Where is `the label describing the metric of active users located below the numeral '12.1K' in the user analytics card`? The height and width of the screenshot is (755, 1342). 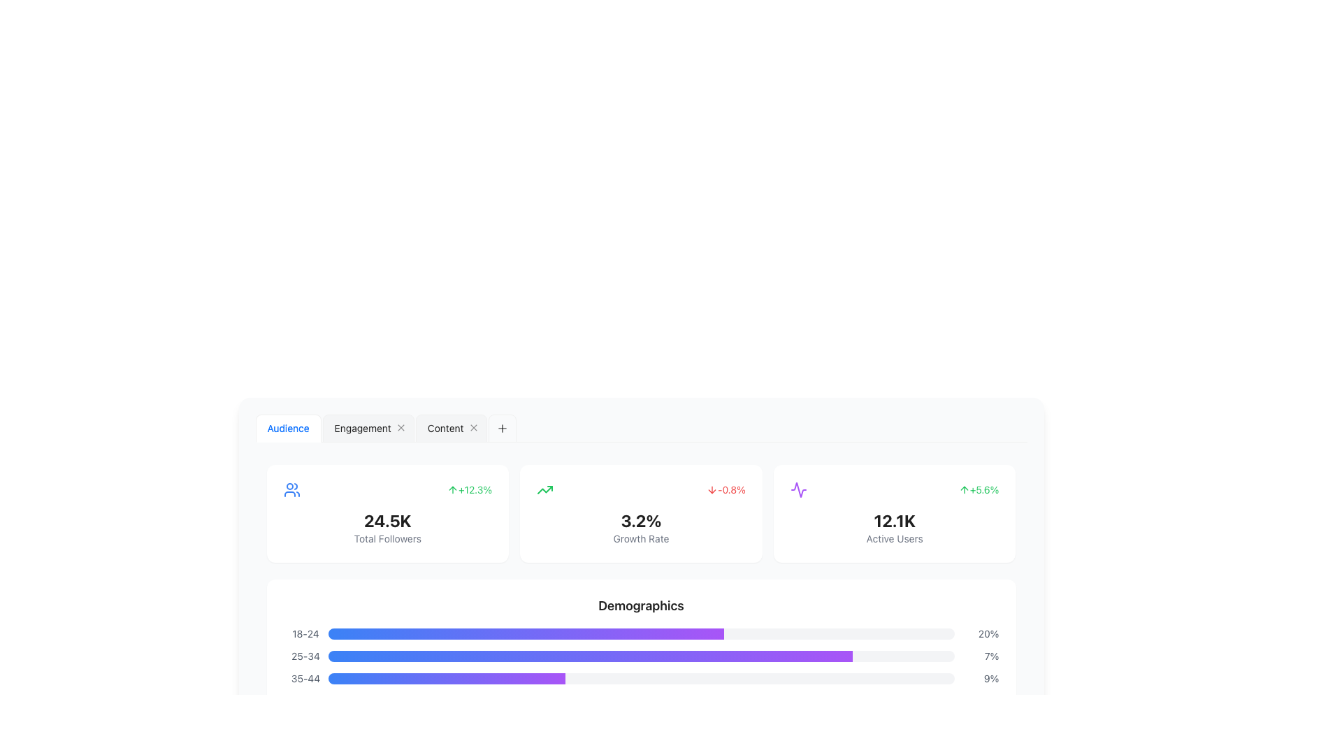
the label describing the metric of active users located below the numeral '12.1K' in the user analytics card is located at coordinates (895, 538).